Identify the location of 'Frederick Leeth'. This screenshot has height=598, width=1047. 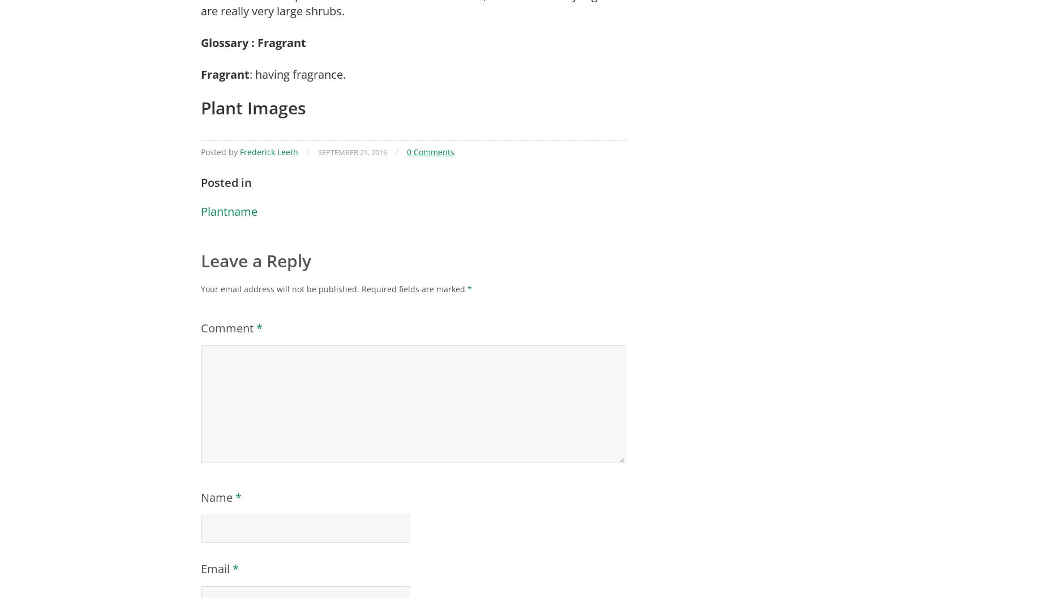
(239, 151).